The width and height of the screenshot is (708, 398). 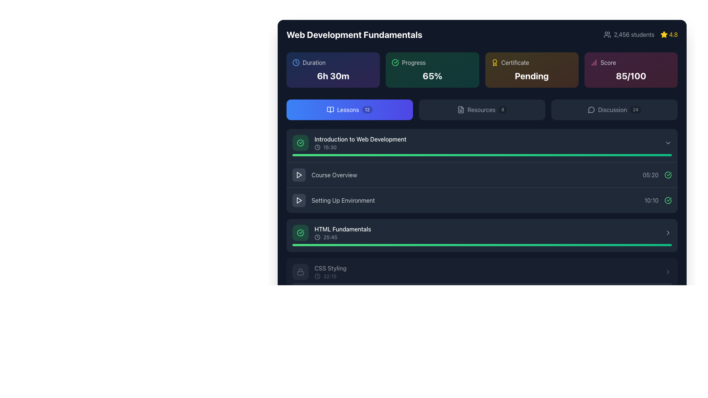 What do you see at coordinates (531, 62) in the screenshot?
I see `the context from the 'Certificate' label with the award icon located` at bounding box center [531, 62].